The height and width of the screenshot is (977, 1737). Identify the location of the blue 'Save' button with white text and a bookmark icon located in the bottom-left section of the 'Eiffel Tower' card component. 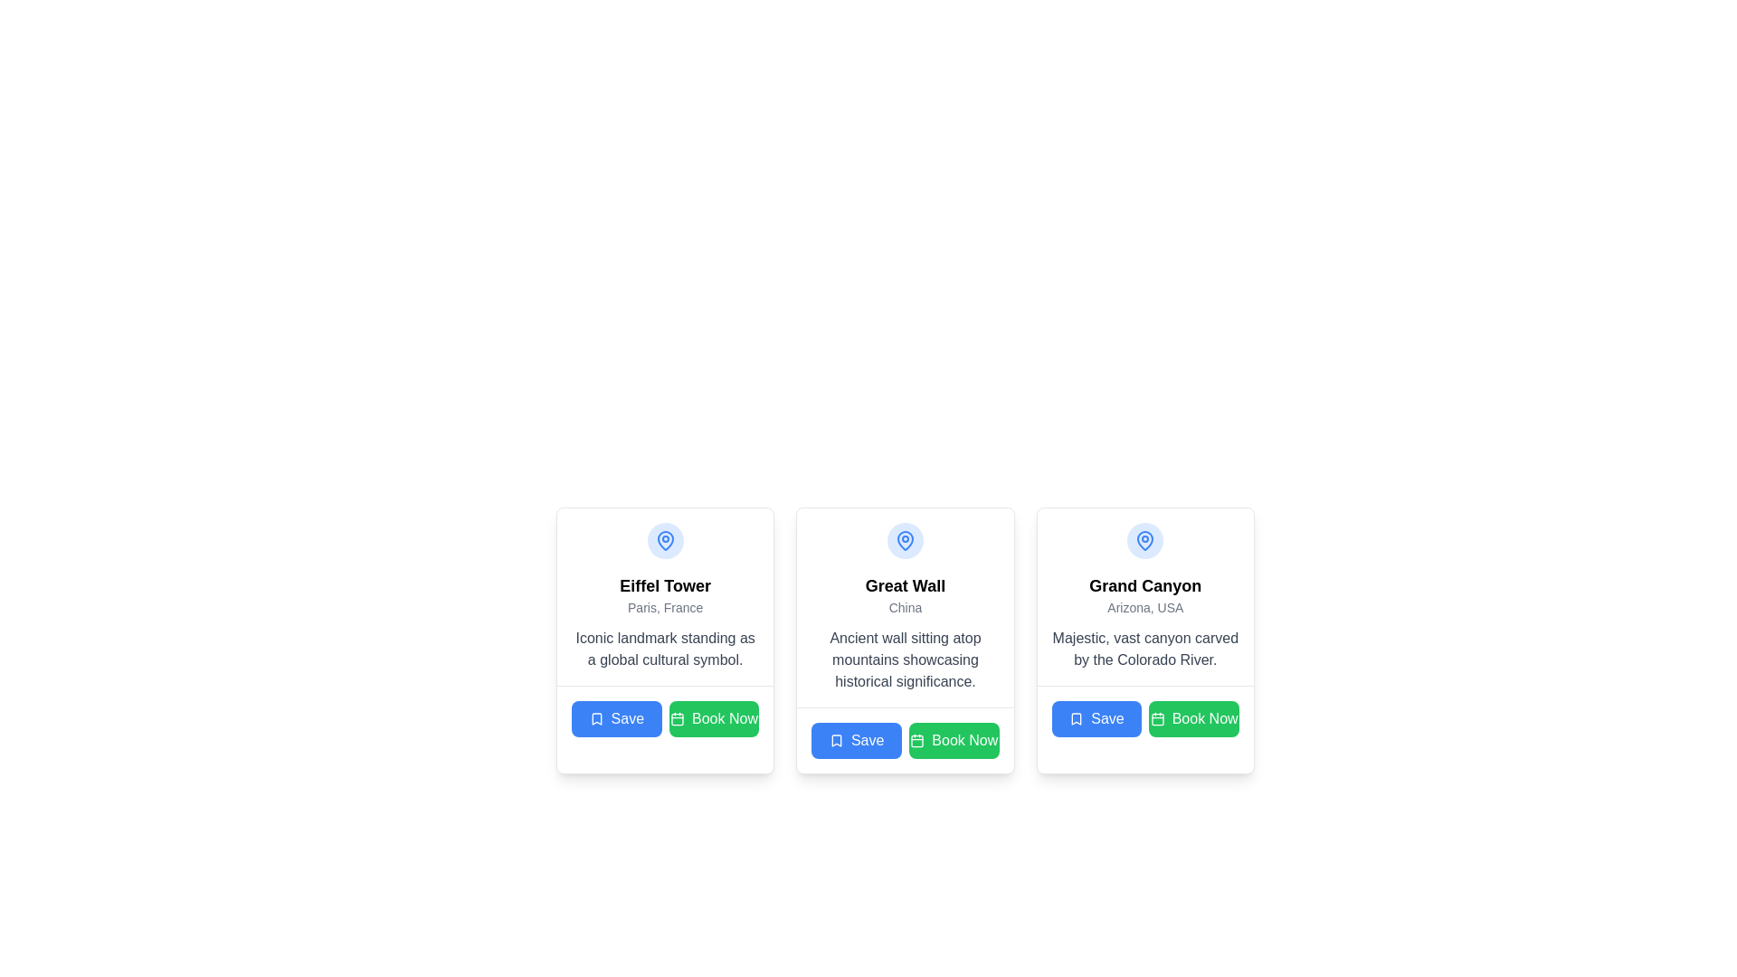
(616, 717).